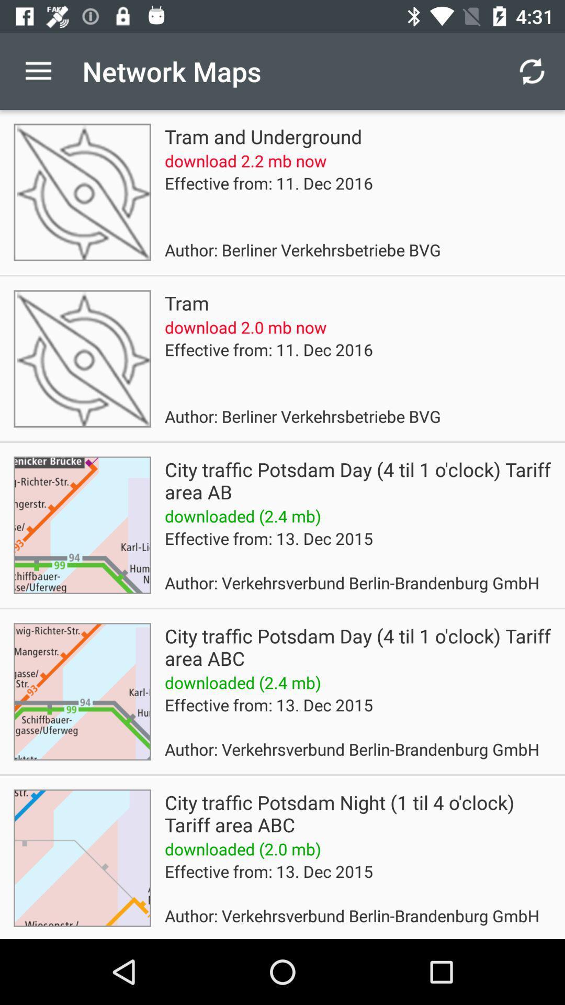  Describe the element at coordinates (263, 136) in the screenshot. I see `tram and underground item` at that location.